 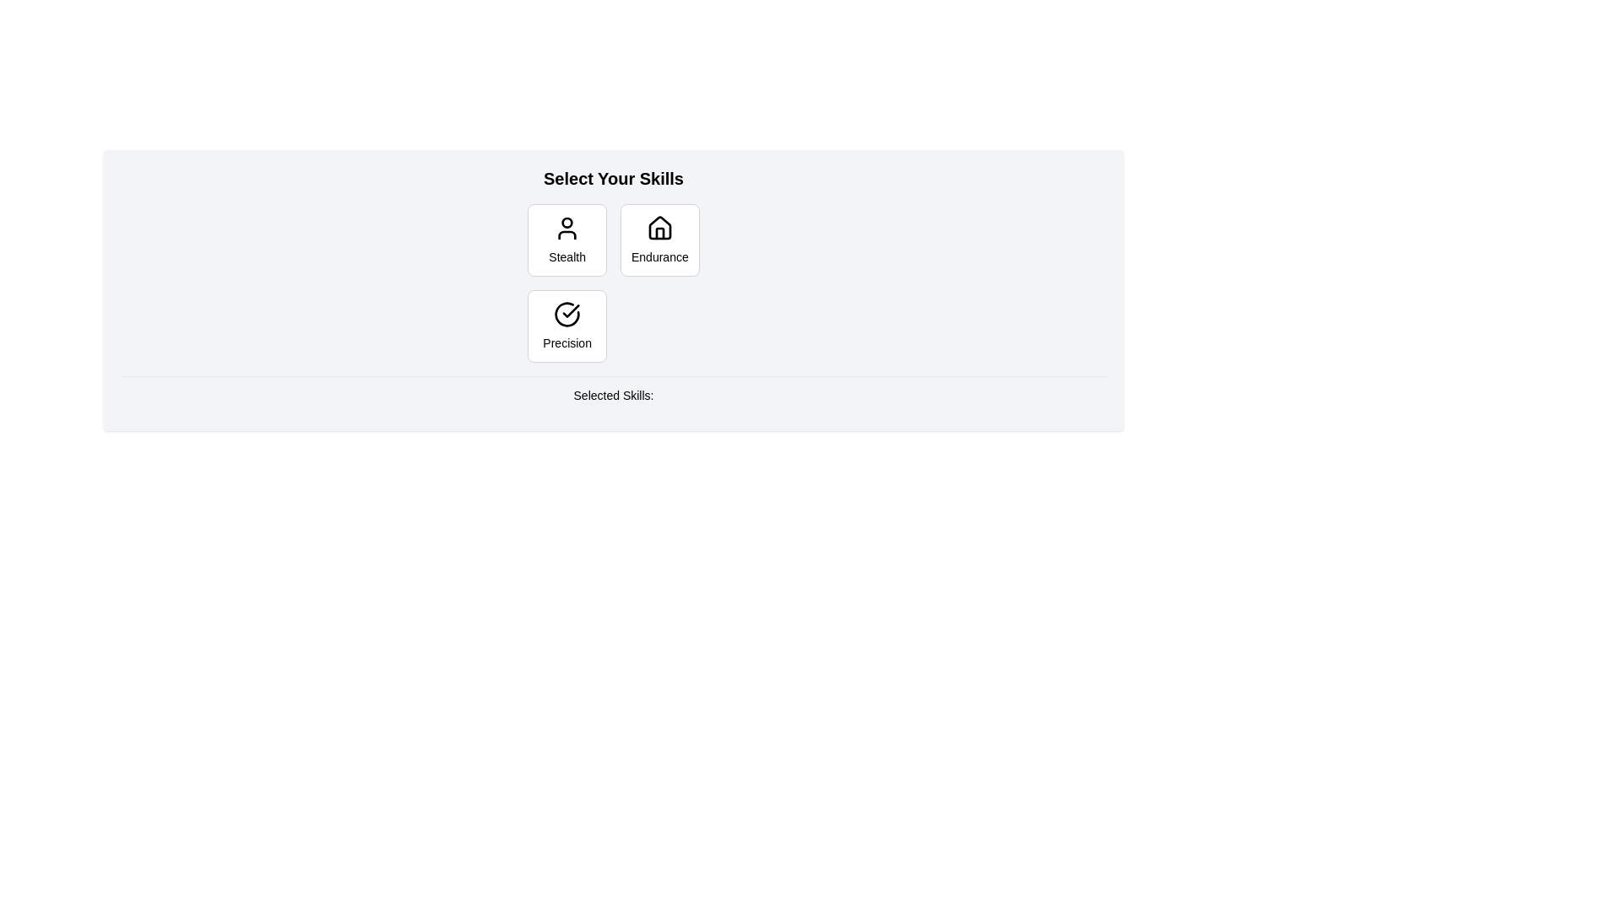 I want to click on the text label that indicates the section displaying the skills chosen by the user, located centrally below the 'Select Your Skills' section, so click(x=612, y=396).